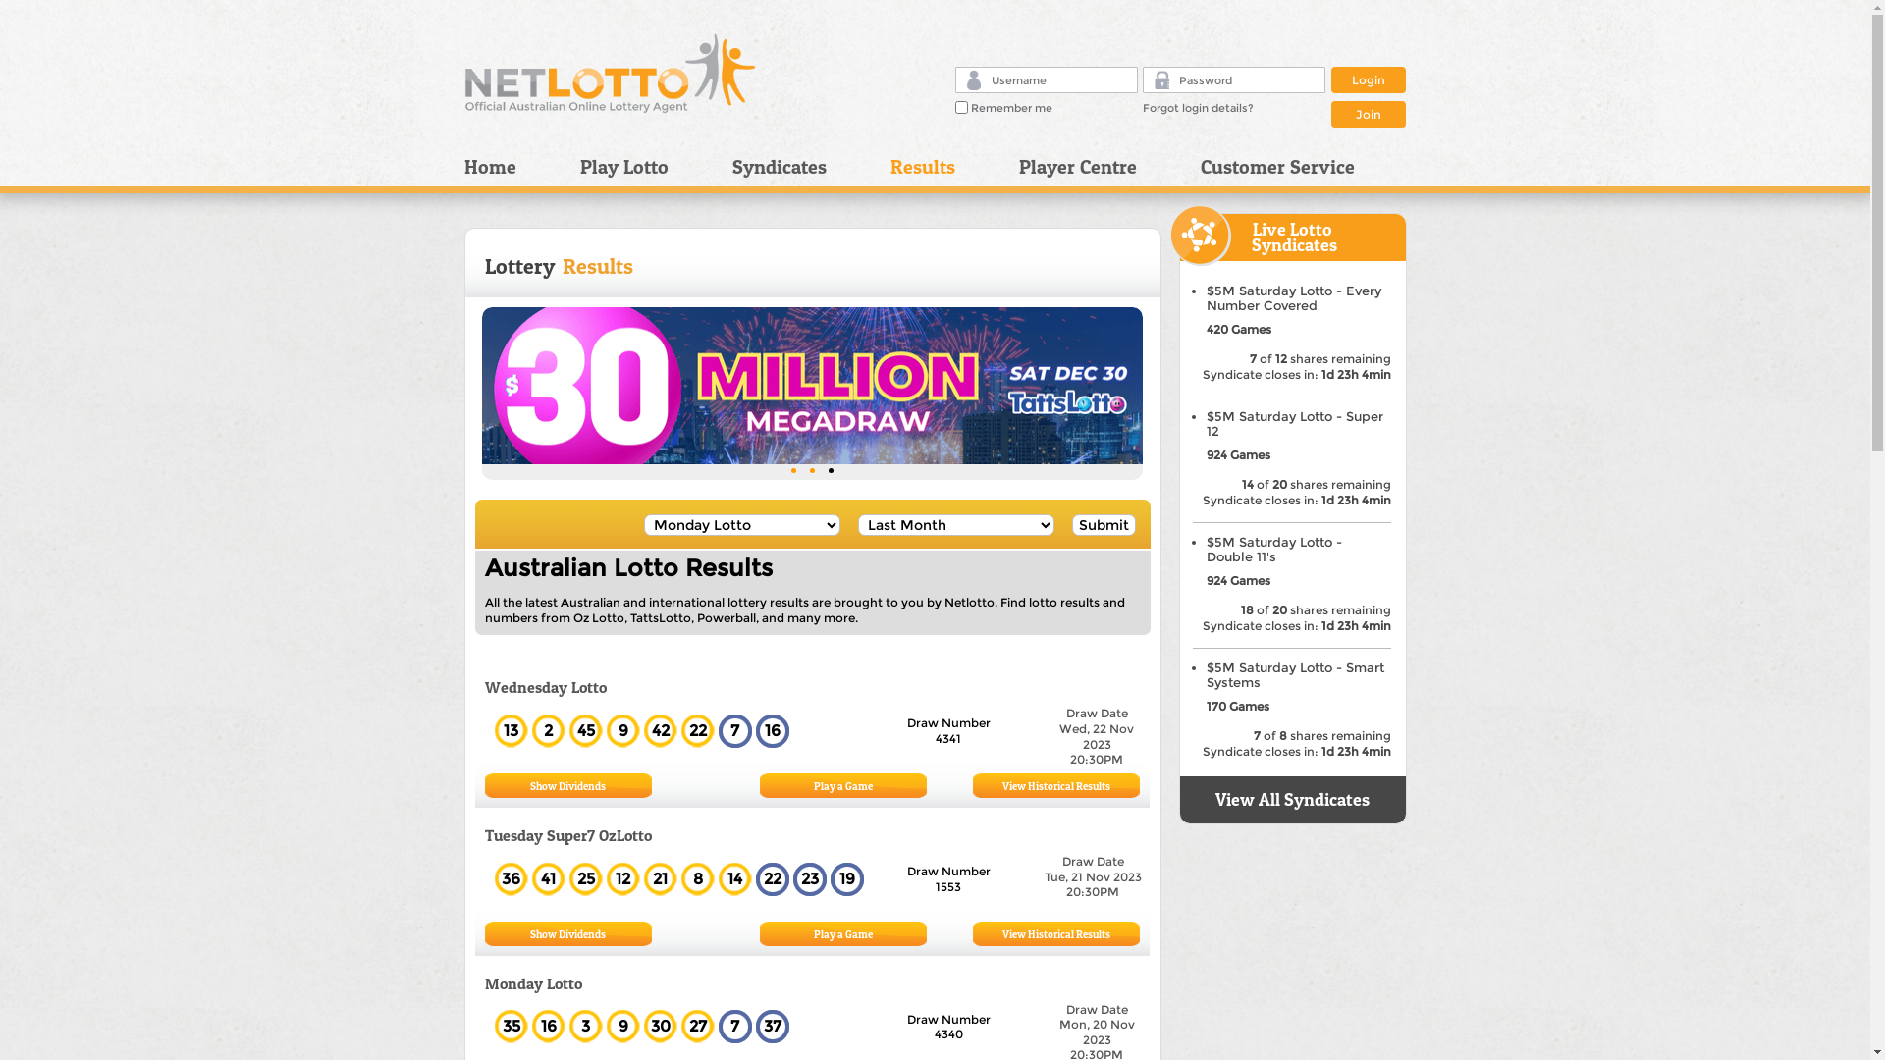 The image size is (1885, 1060). I want to click on 'Forgot login details?', so click(1197, 108).